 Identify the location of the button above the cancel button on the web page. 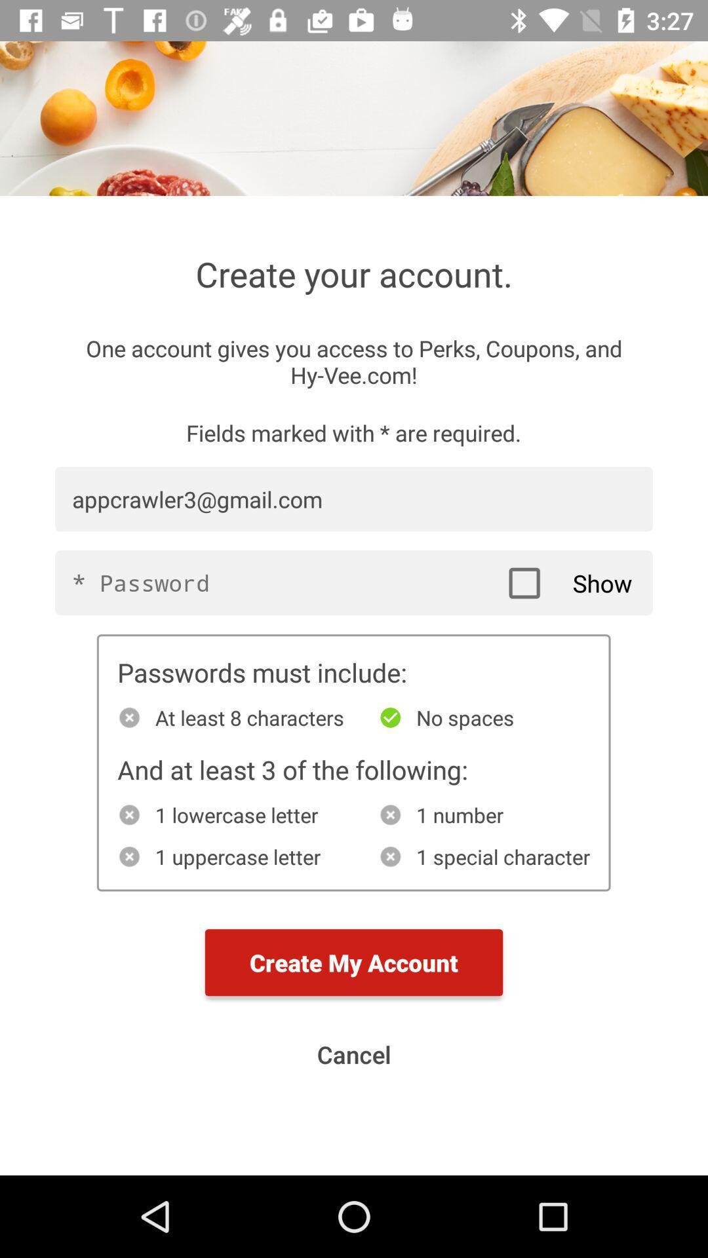
(354, 963).